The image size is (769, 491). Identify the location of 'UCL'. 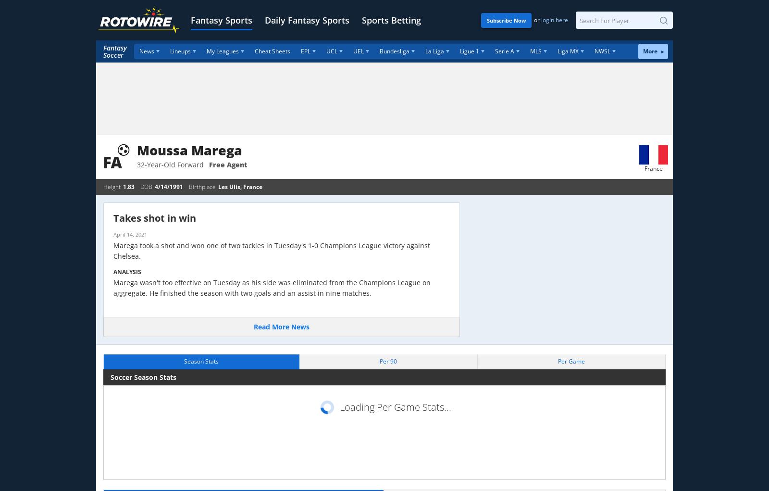
(332, 50).